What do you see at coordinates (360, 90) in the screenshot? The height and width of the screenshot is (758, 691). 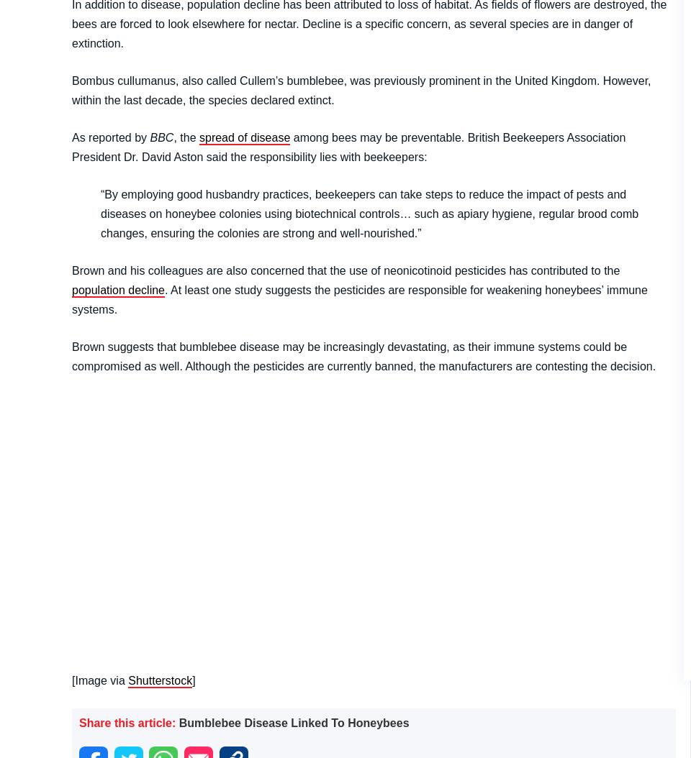 I see `'Bombus cullumanus, also called Cullem’s bumblebee, was previously prominent in the United Kingdom. However, within the last decade, the species declared extinct.'` at bounding box center [360, 90].